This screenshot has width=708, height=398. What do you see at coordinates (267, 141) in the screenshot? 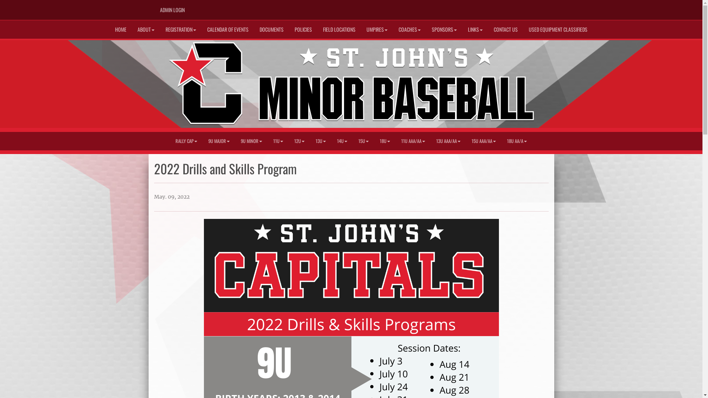
I see `'11U'` at bounding box center [267, 141].